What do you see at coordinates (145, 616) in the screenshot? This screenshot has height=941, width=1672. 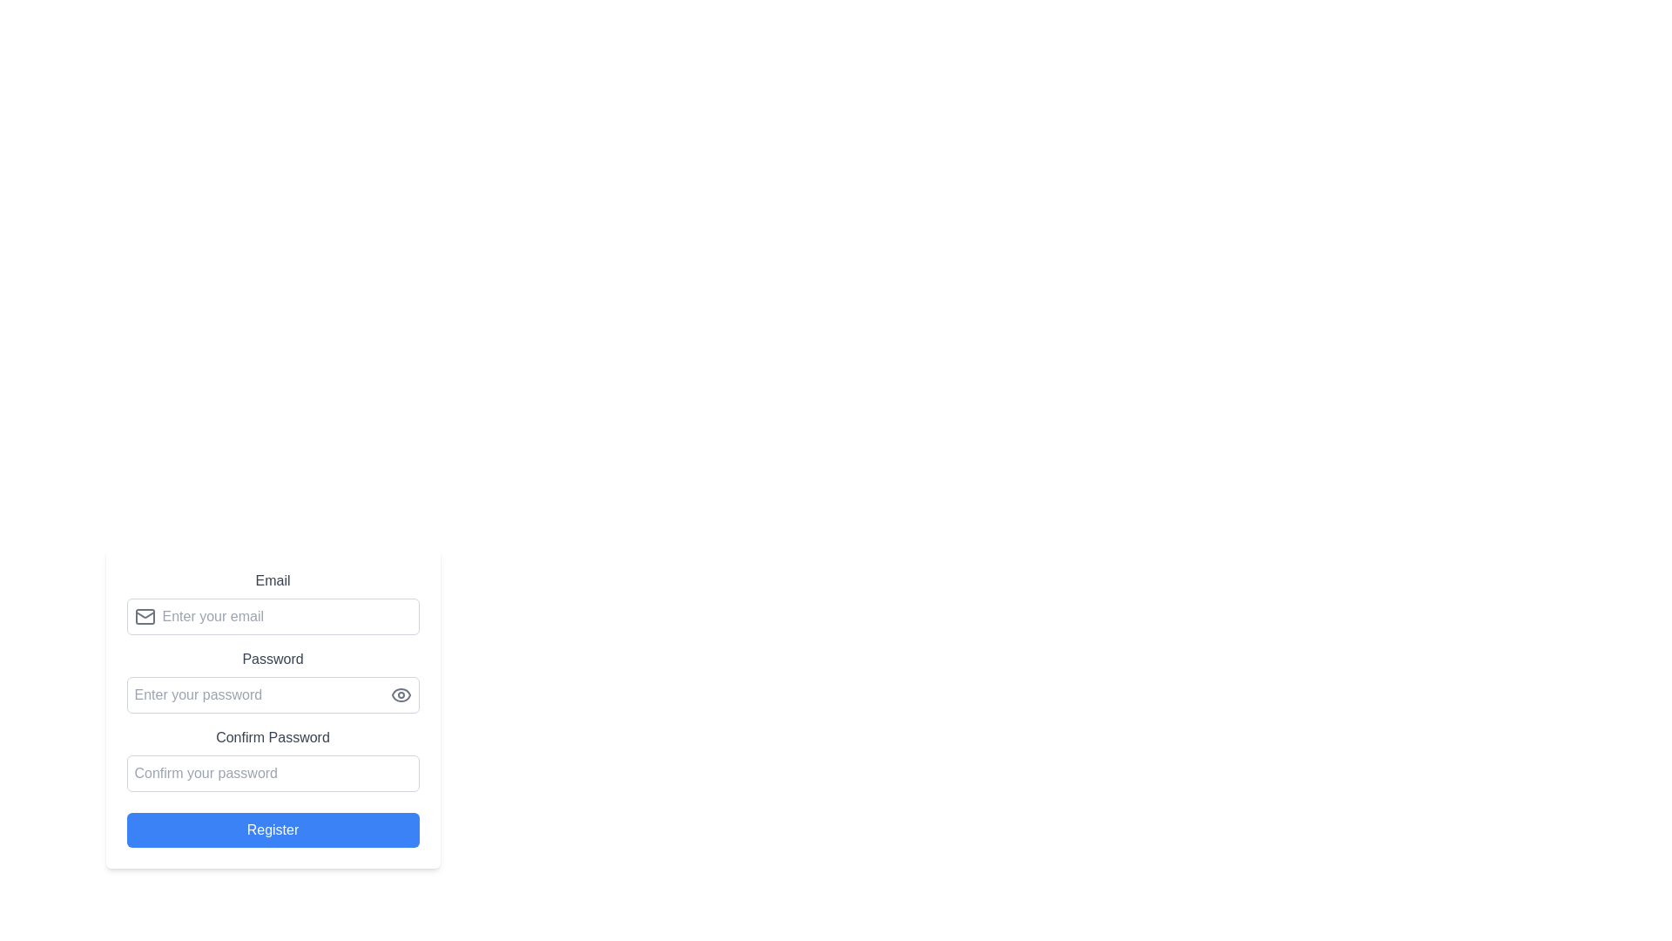 I see `the envelope-shaped icon with gray stroke lines, located to the immediate left of the email input field labeled 'Enter your email'` at bounding box center [145, 616].